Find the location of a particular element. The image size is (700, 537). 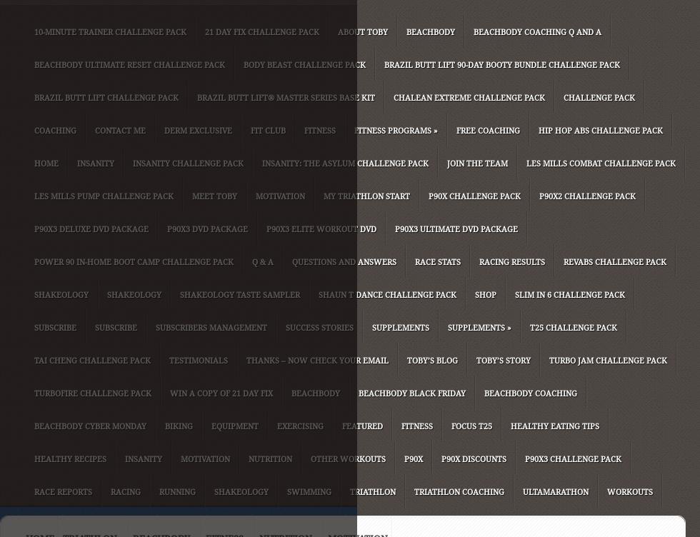

'P90X Challenge Pack' is located at coordinates (474, 196).